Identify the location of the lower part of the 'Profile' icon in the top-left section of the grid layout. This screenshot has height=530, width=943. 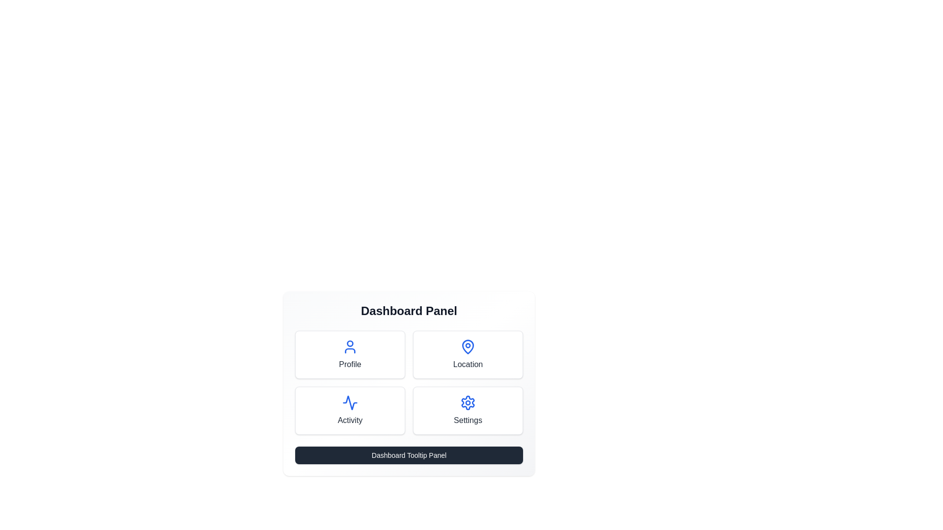
(350, 350).